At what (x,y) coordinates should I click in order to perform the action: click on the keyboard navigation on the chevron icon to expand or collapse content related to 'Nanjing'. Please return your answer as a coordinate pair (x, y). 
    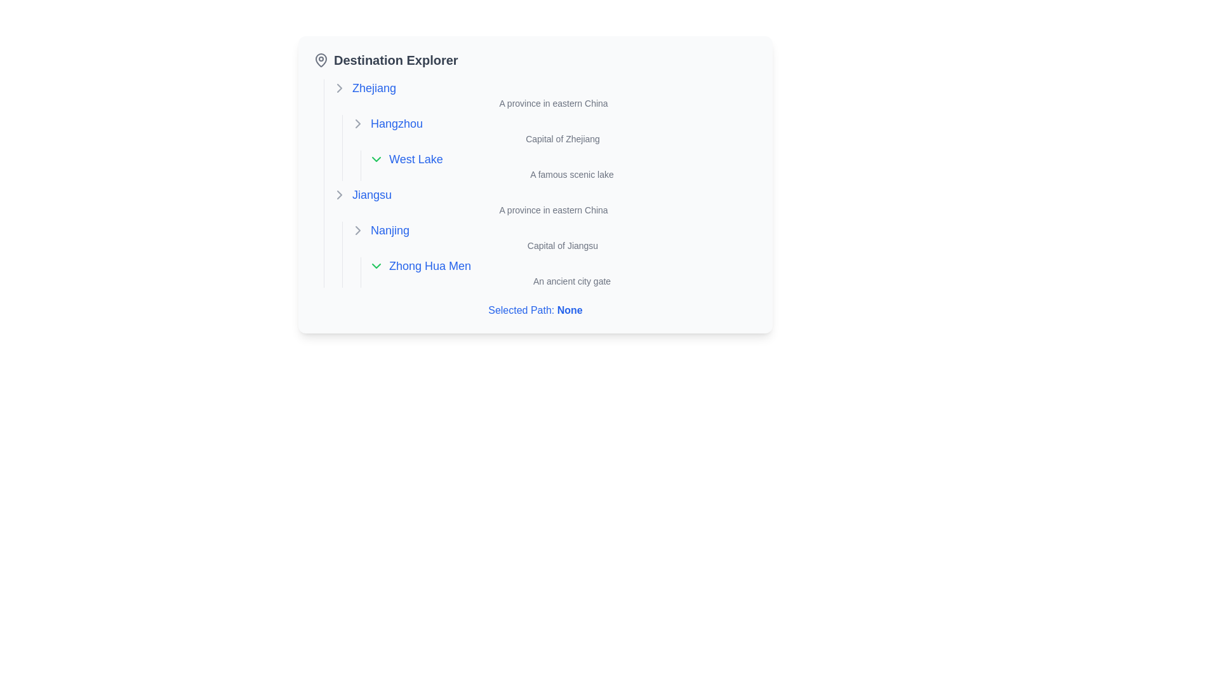
    Looking at the image, I should click on (357, 230).